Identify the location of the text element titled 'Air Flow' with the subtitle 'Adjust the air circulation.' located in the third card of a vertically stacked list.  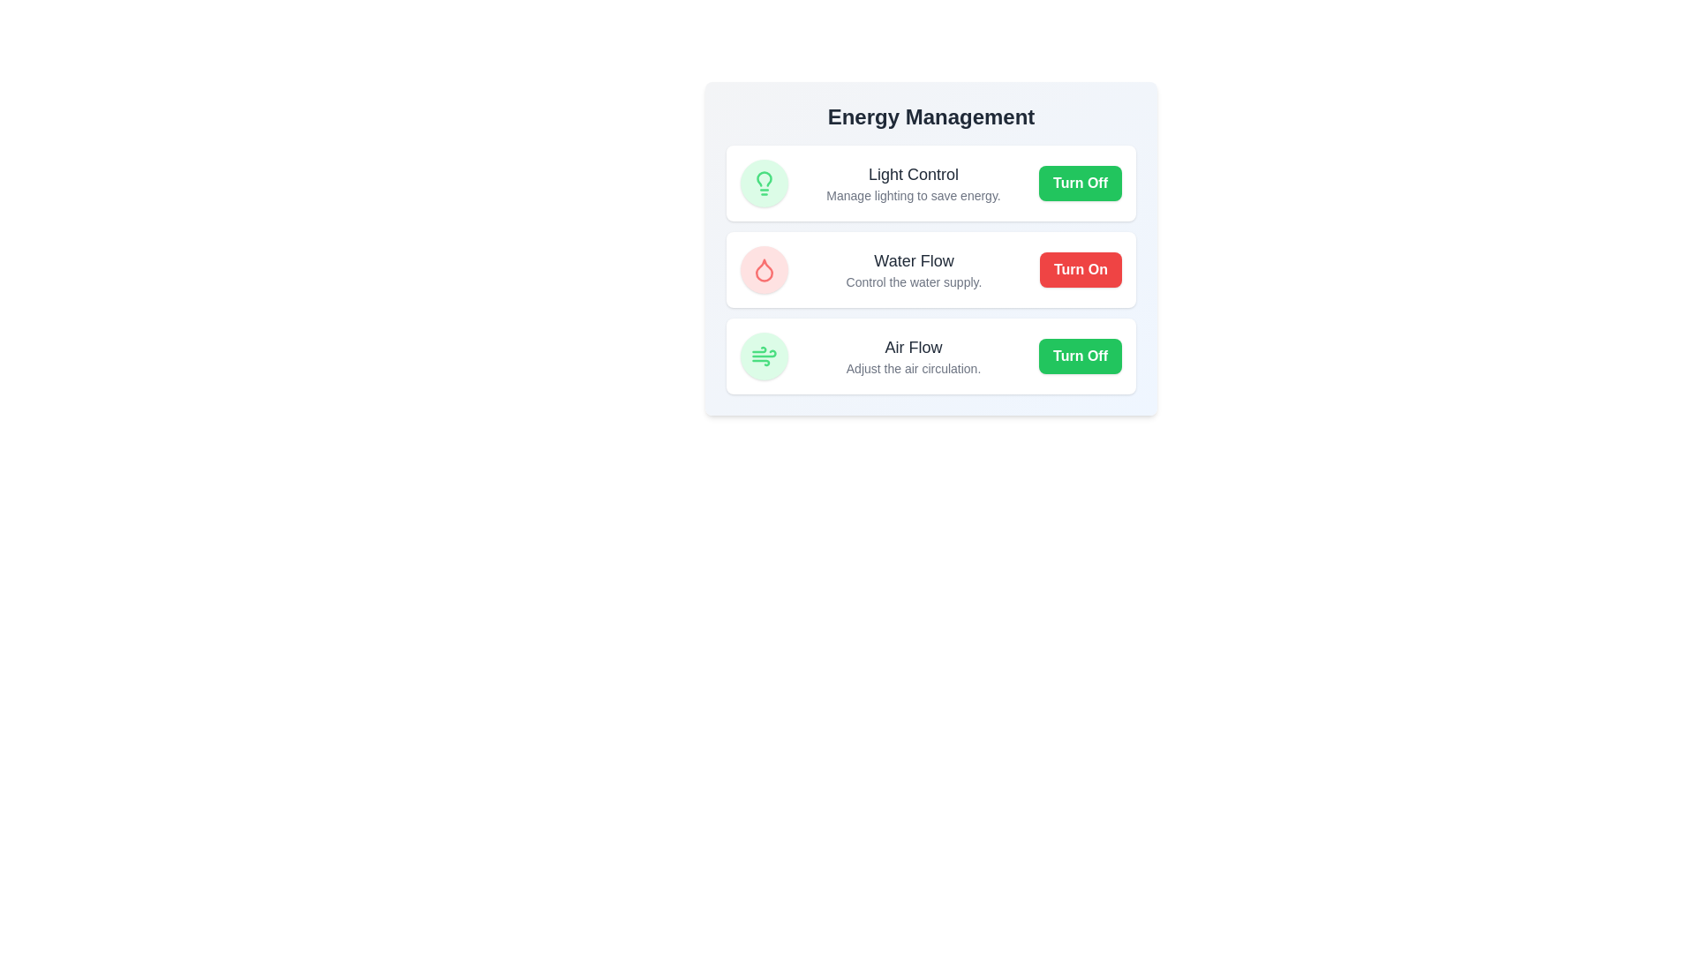
(914, 356).